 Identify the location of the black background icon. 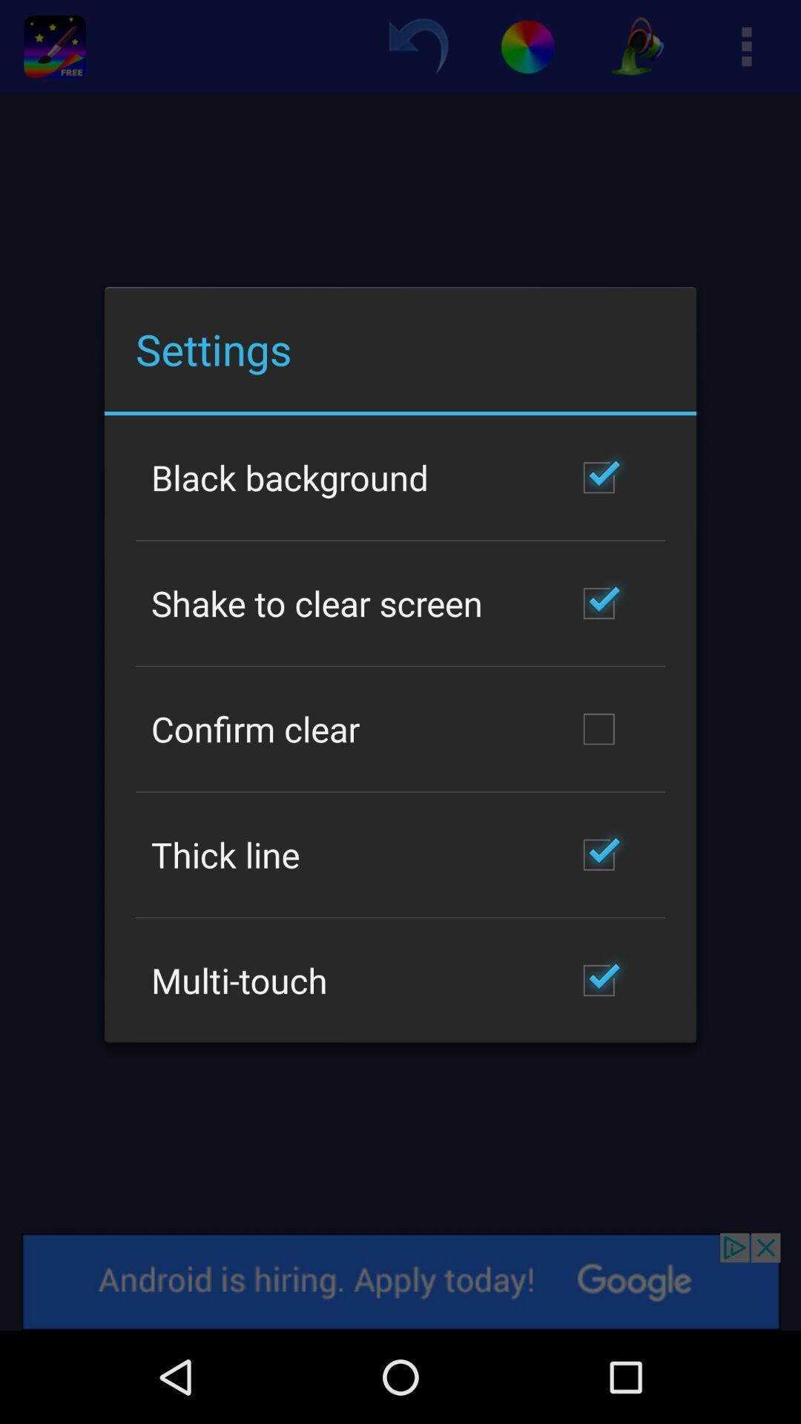
(290, 477).